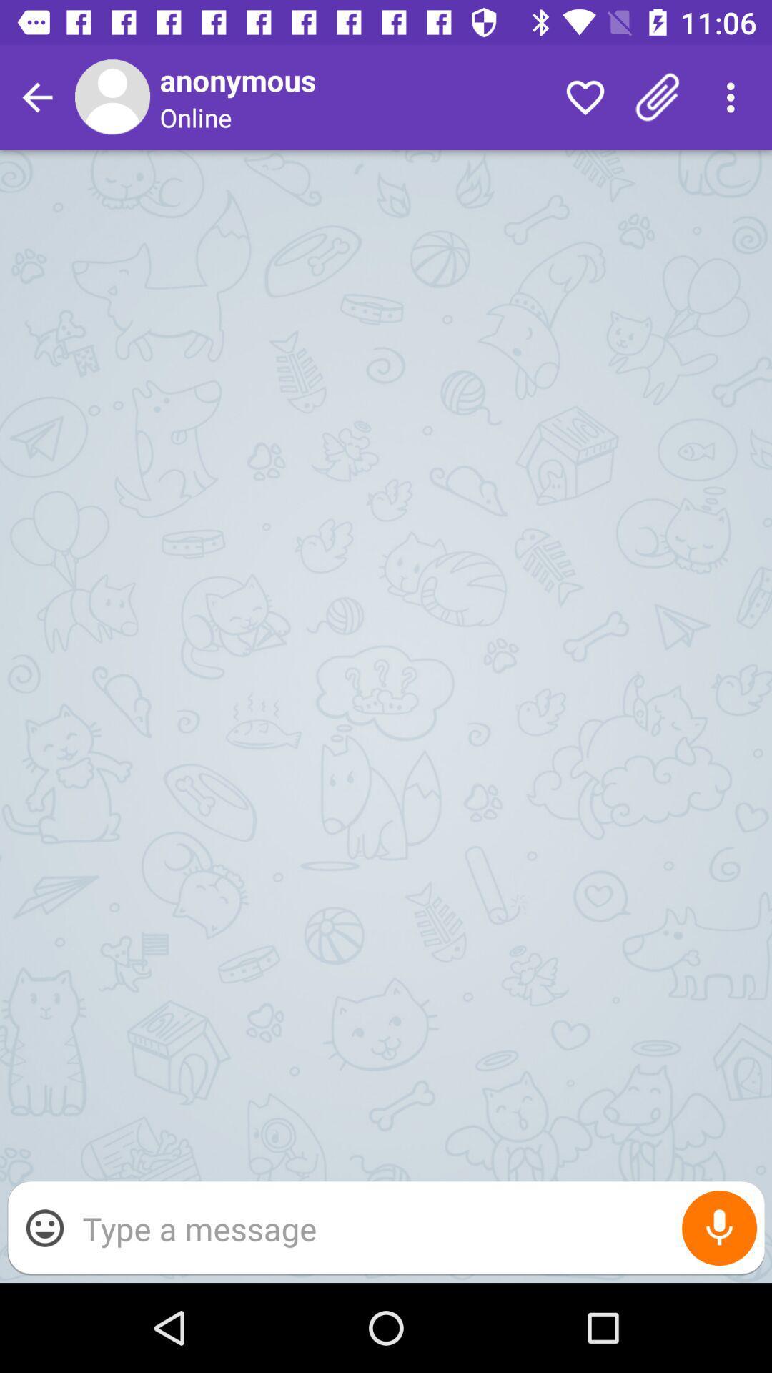 The image size is (772, 1373). Describe the element at coordinates (44, 1227) in the screenshot. I see `use emoji` at that location.